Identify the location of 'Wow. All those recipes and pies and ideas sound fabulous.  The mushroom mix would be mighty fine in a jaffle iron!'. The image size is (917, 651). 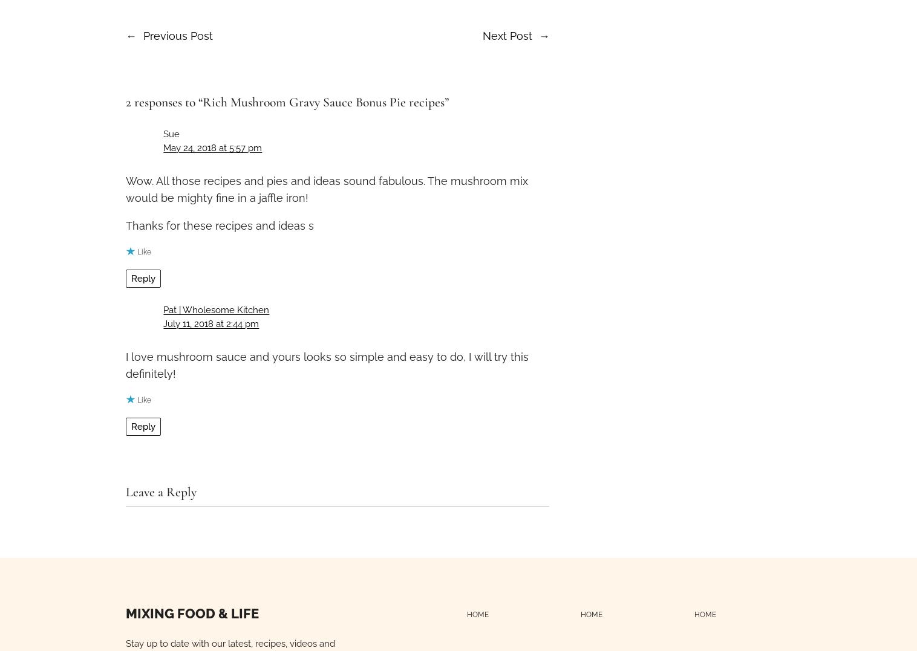
(326, 189).